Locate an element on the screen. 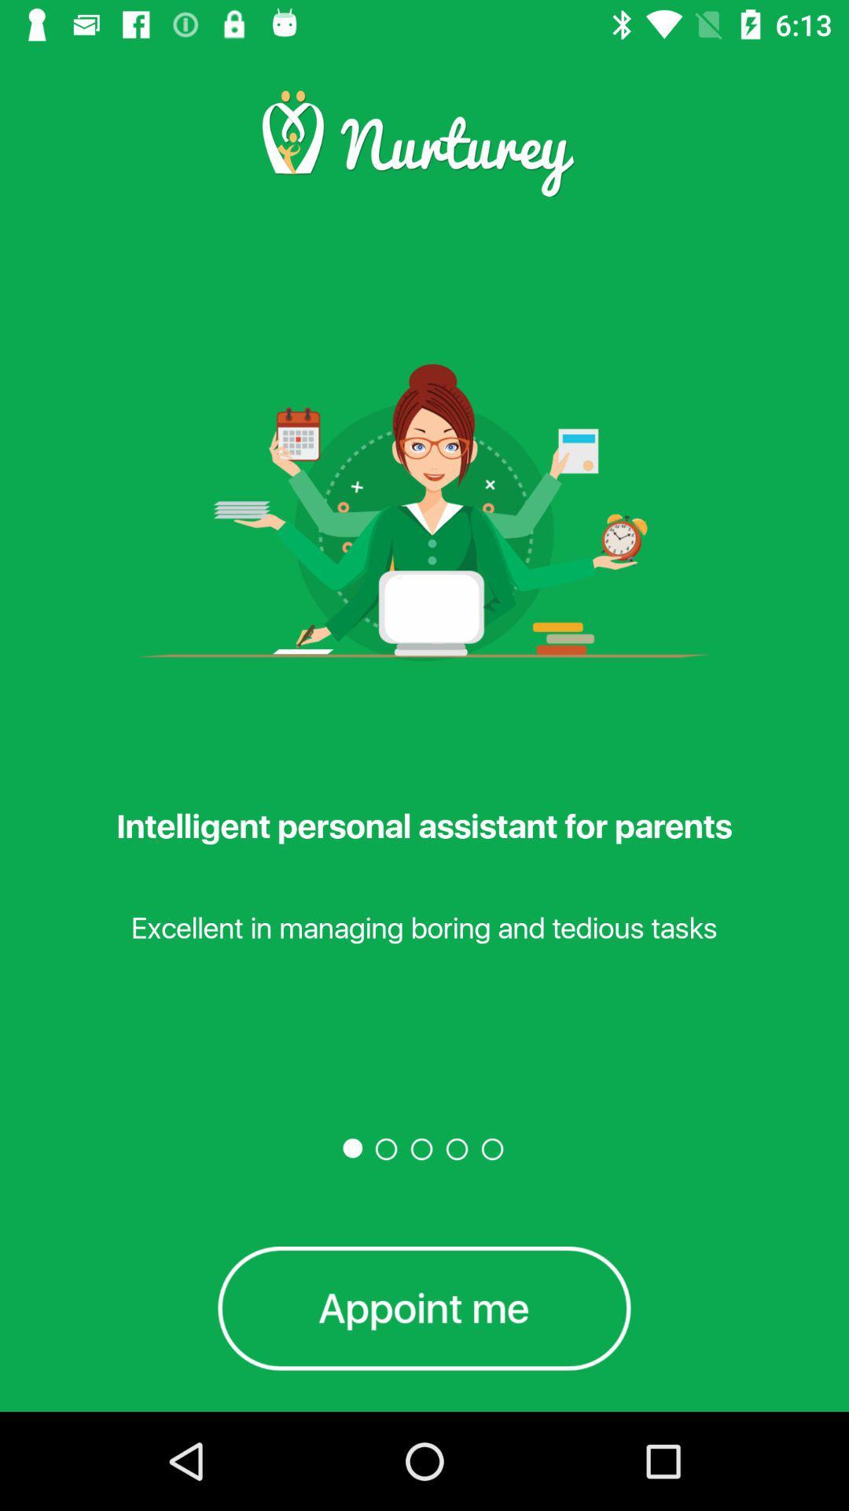 This screenshot has height=1511, width=849. the book icon is located at coordinates (424, 1308).